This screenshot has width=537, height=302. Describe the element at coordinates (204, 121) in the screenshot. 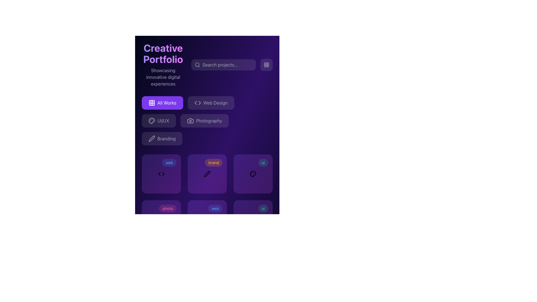

I see `the 'Photography' button, which is a horizontally rectangular button with rounded corners and a light gray text label` at that location.